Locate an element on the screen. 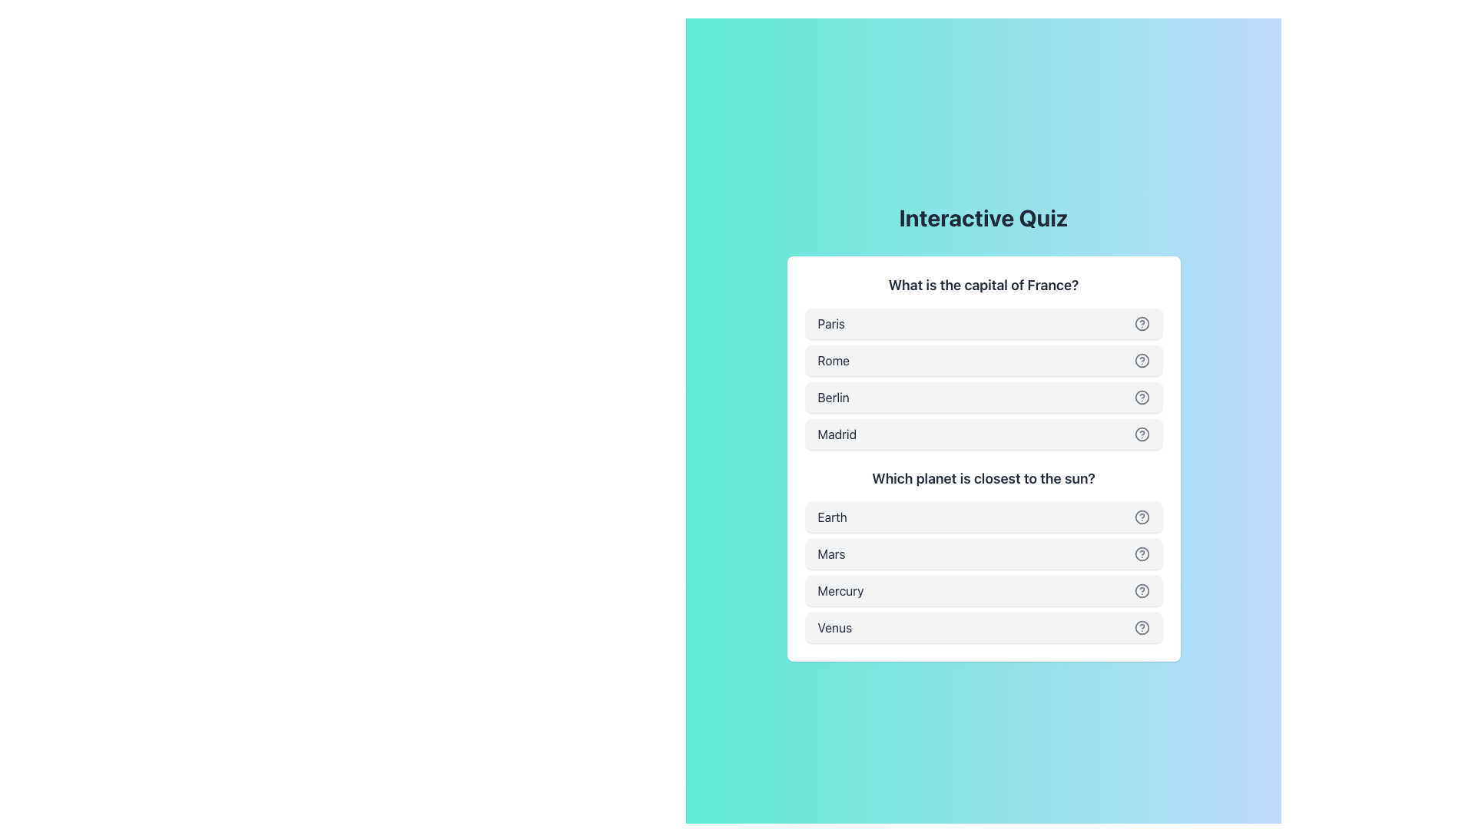 This screenshot has height=829, width=1475. the button labeled 'Madrid' which is the fourth item in a vertical list is located at coordinates (983, 434).